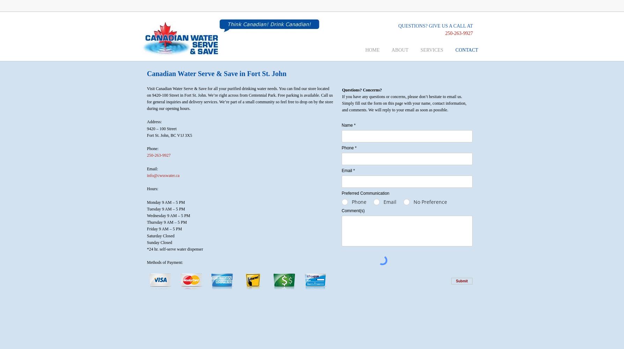  I want to click on 'Thank you! Your message has been successfully sent. We will contact you very soon!', so click(406, 294).